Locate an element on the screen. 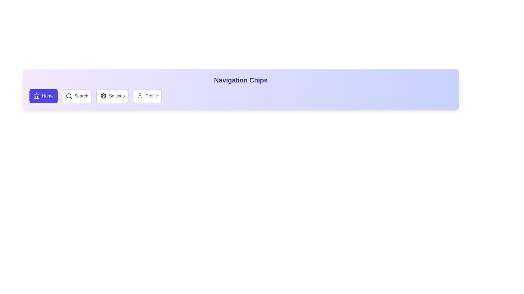 The image size is (524, 294). the chip labeled Home to observe the hover effect is located at coordinates (43, 96).